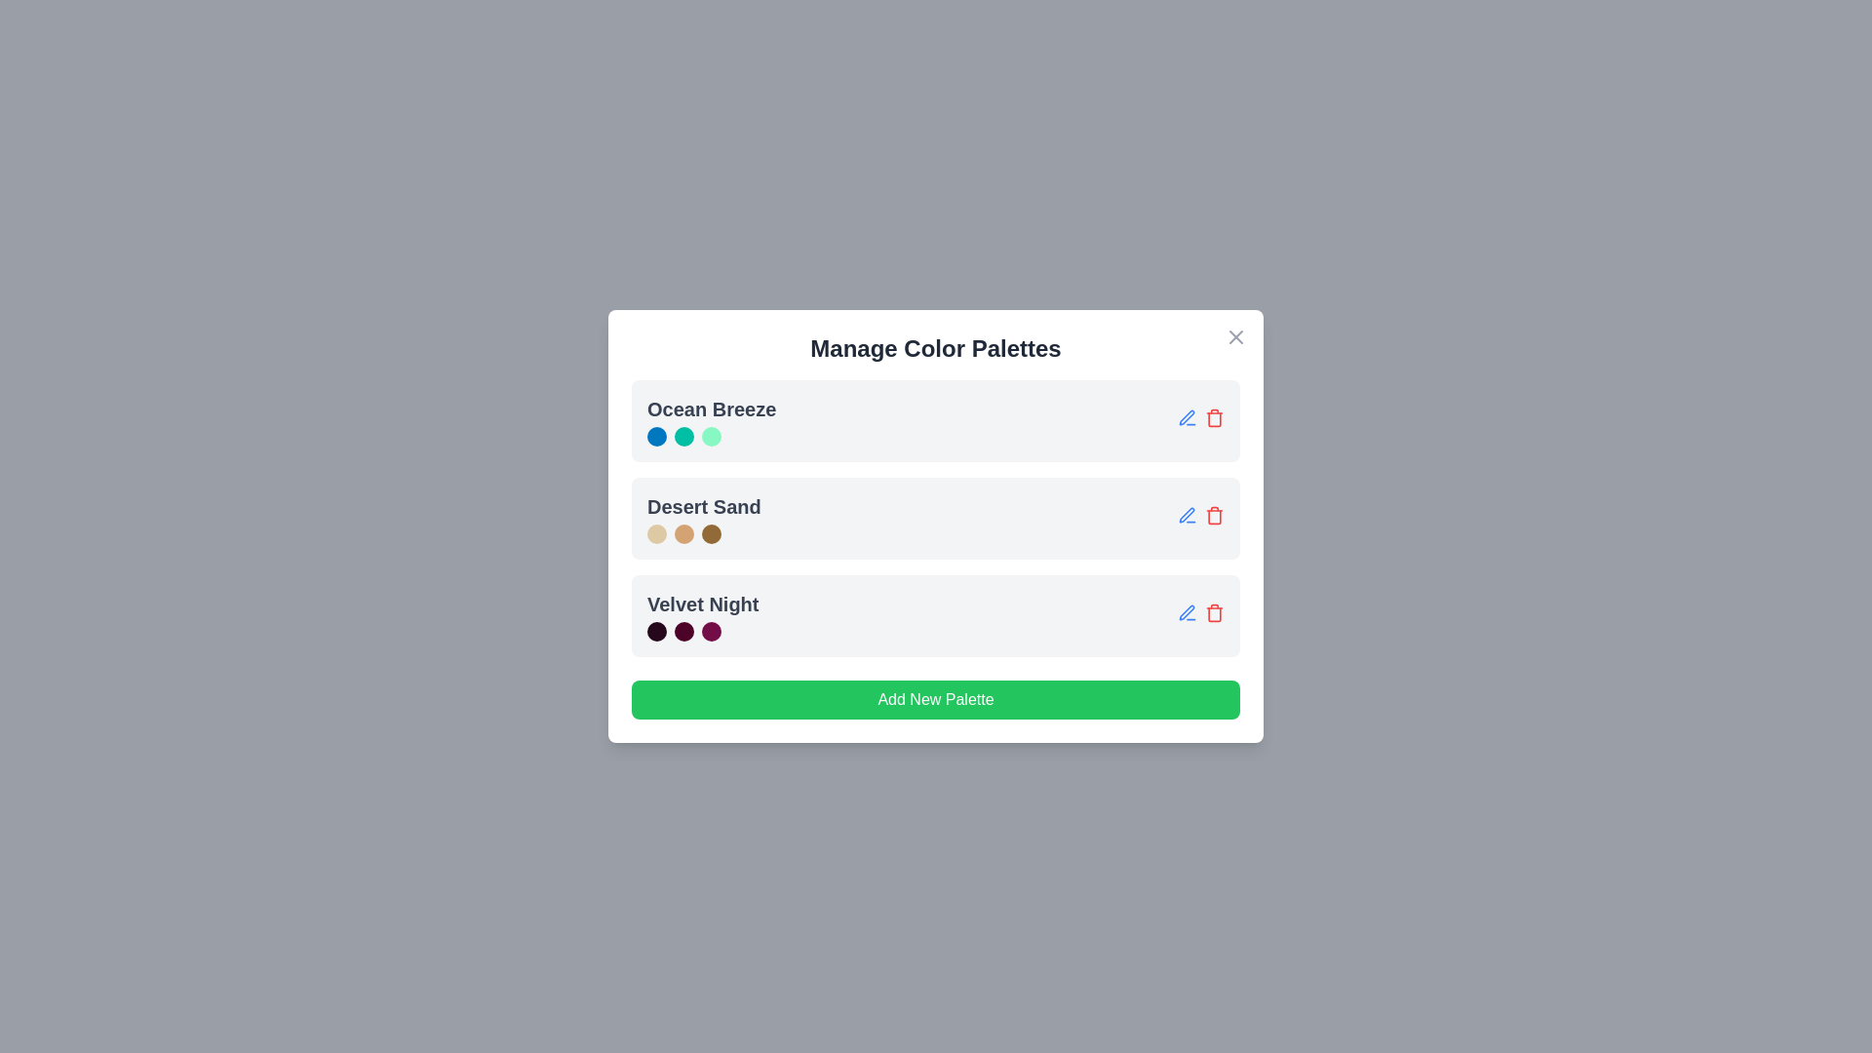 The image size is (1872, 1053). Describe the element at coordinates (702, 616) in the screenshot. I see `the palette name Velvet Night to view its details` at that location.